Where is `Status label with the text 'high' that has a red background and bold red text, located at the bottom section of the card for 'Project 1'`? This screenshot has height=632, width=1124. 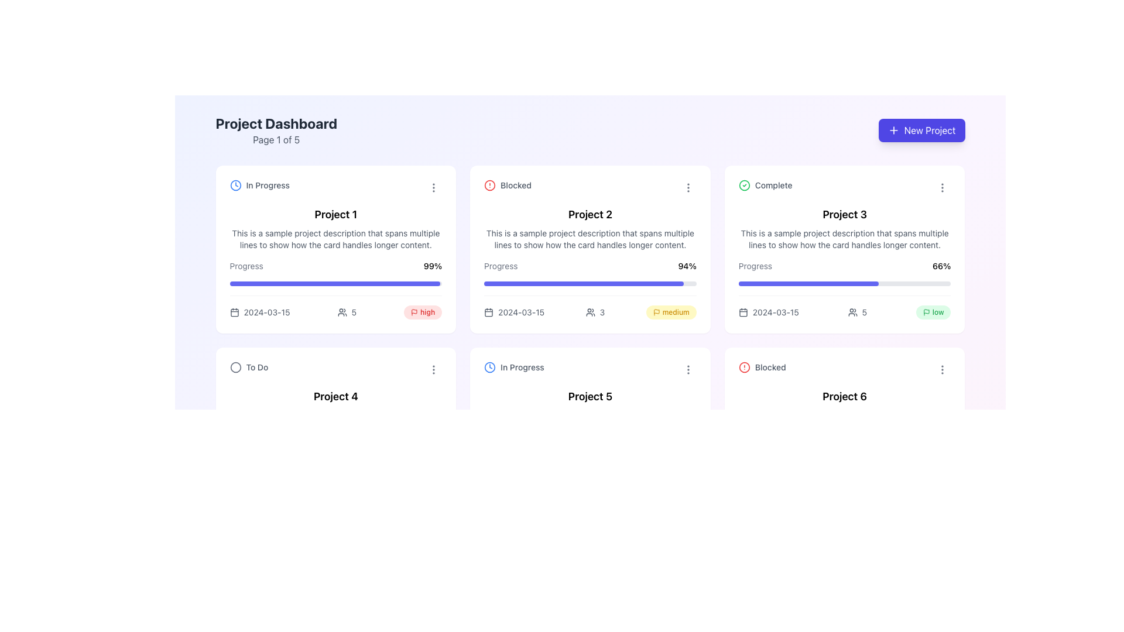
Status label with the text 'high' that has a red background and bold red text, located at the bottom section of the card for 'Project 1' is located at coordinates (422, 311).